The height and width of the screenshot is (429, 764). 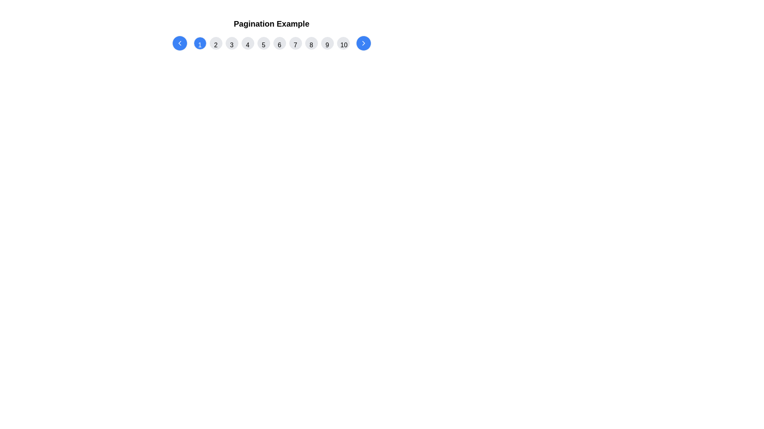 What do you see at coordinates (327, 43) in the screenshot?
I see `the circular button with a gray background containing the number '9'` at bounding box center [327, 43].